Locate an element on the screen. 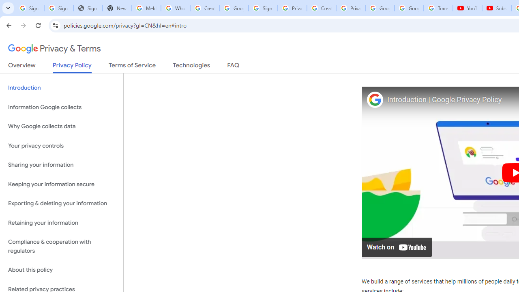 The height and width of the screenshot is (292, 519). 'Create your Google Account' is located at coordinates (321, 8).